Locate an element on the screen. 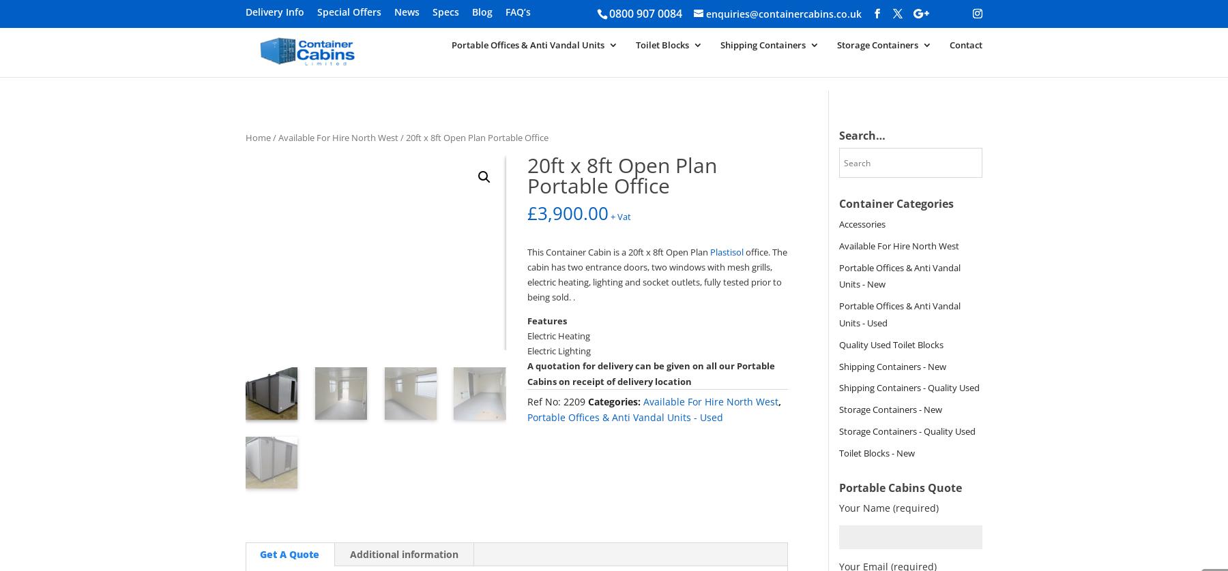  'Specs' is located at coordinates (445, 11).